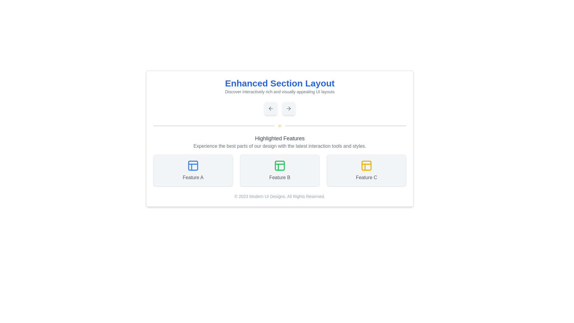  What do you see at coordinates (271, 108) in the screenshot?
I see `the left-pointing arrow icon embedded in a rounded rectangular button with a light gray background, which is positioned near the center of the interface` at bounding box center [271, 108].